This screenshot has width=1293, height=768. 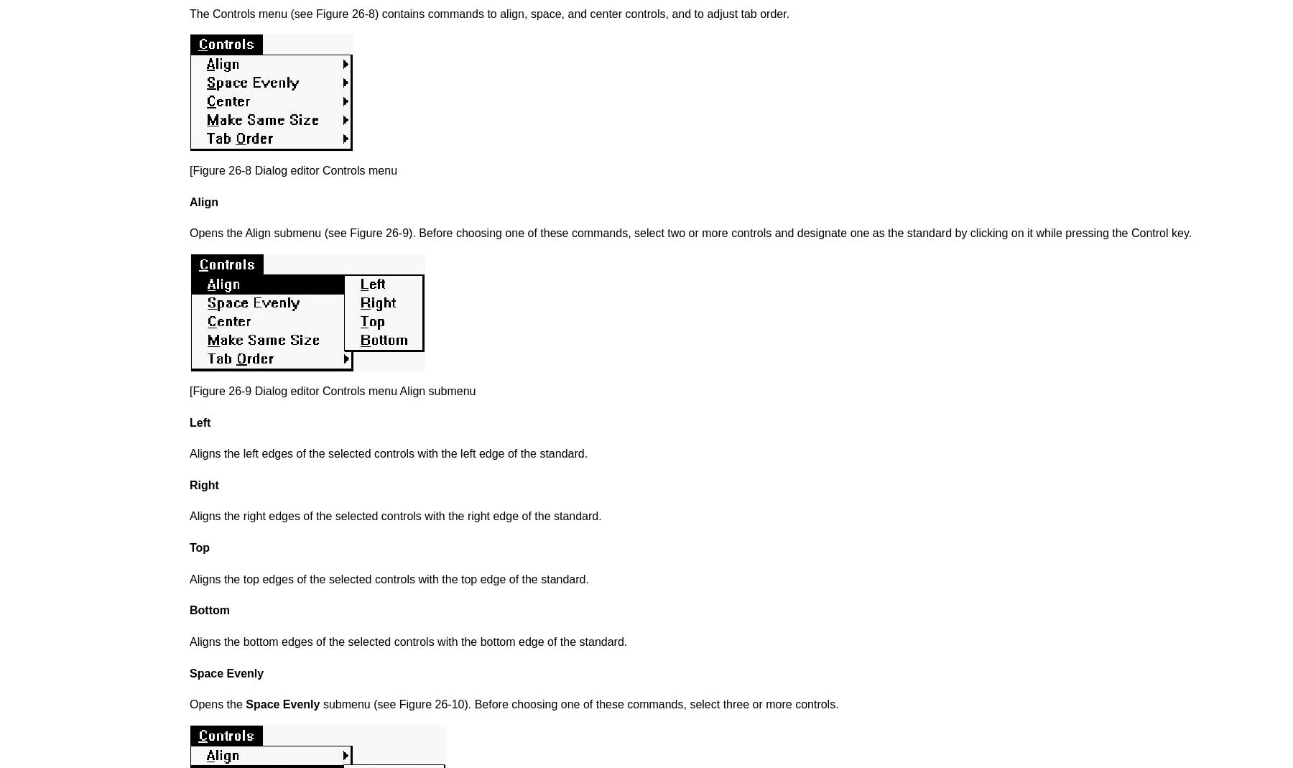 What do you see at coordinates (293, 170) in the screenshot?
I see `'[Figure 26-8 Dialog editor Controls menu'` at bounding box center [293, 170].